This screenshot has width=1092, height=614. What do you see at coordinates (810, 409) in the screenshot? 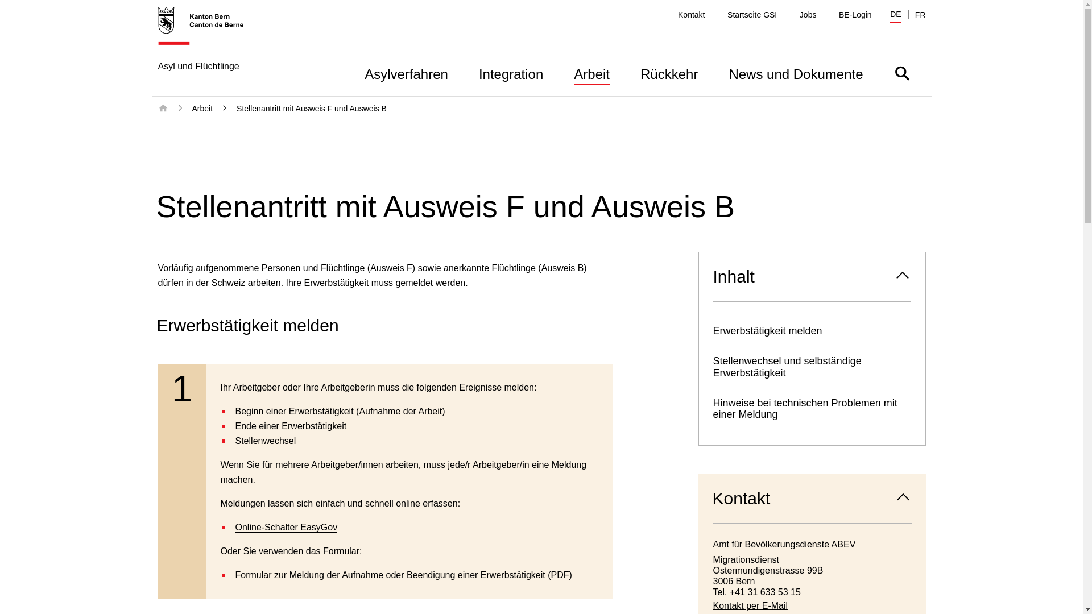
I see `'Hinweise bei technischen Problemen mit einer Meldung'` at bounding box center [810, 409].